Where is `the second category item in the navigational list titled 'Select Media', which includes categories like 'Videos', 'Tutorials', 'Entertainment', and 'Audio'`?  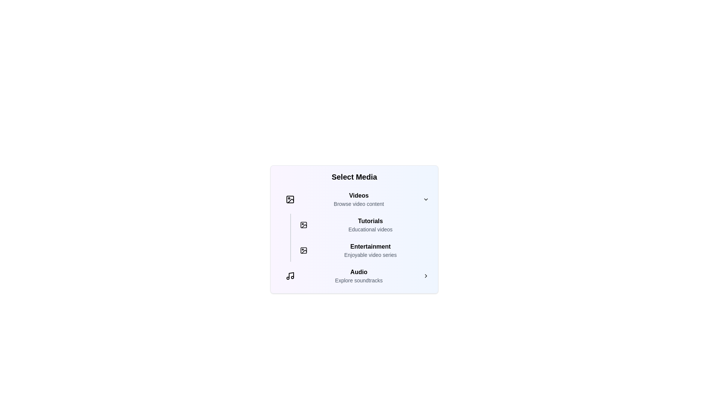 the second category item in the navigational list titled 'Select Media', which includes categories like 'Videos', 'Tutorials', 'Entertainment', and 'Audio' is located at coordinates (354, 237).